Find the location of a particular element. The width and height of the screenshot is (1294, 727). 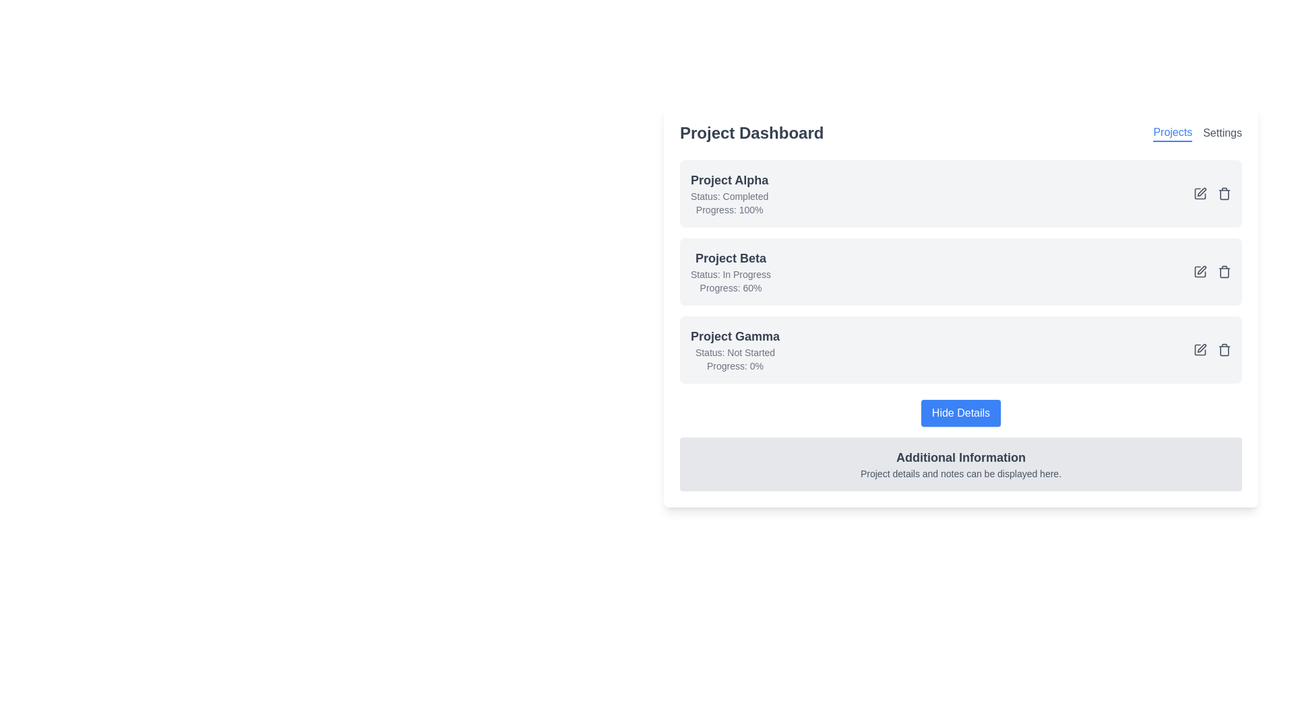

the static text label that says 'Project details and notes can be displayed here.' located below the heading 'Additional Information.' is located at coordinates (960, 473).